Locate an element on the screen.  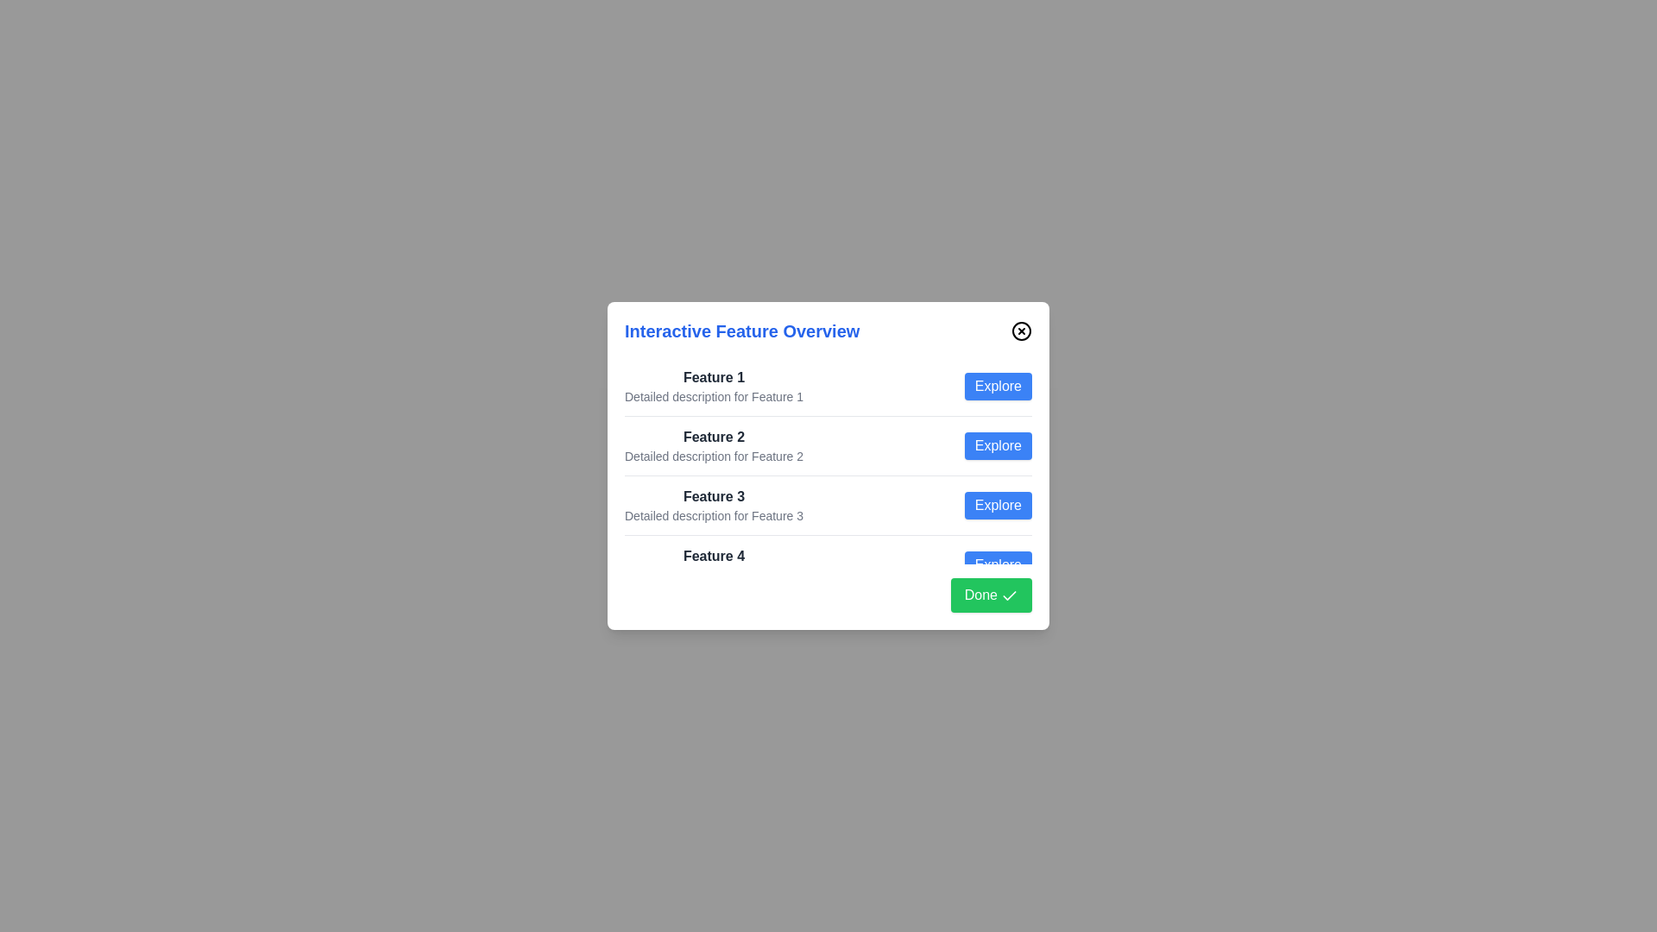
the 'Done' button to close the dialog is located at coordinates (991, 595).